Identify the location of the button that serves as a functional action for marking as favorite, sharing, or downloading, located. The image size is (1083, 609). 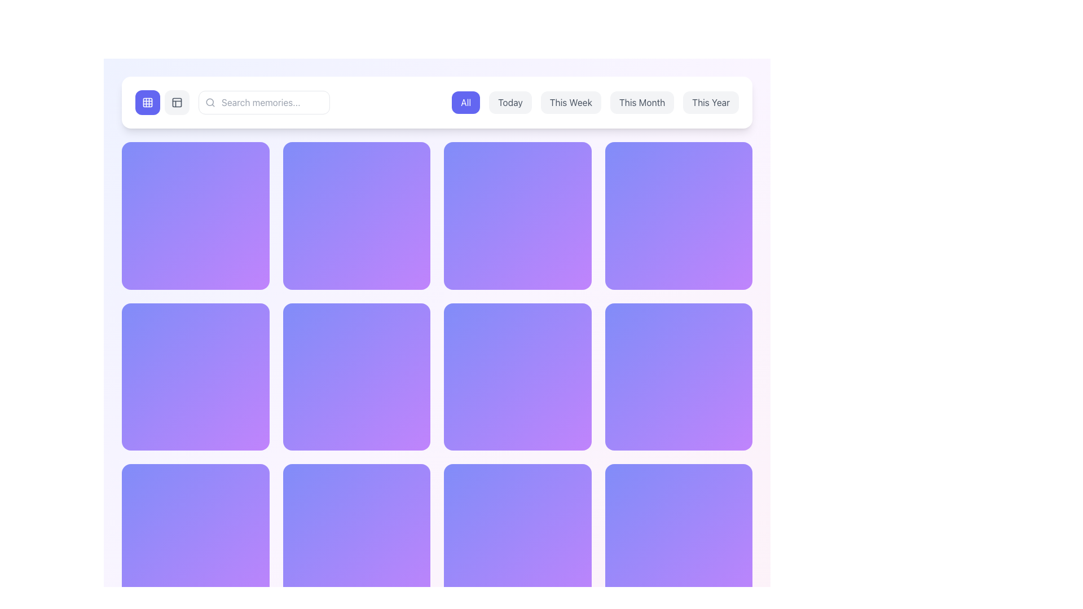
(709, 161).